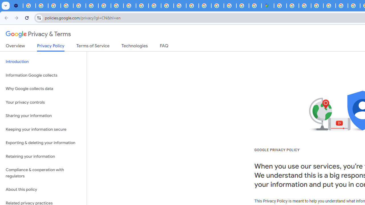  What do you see at coordinates (29, 6) in the screenshot?
I see `'Delete photos & videos - Computer - Google Photos Help'` at bounding box center [29, 6].